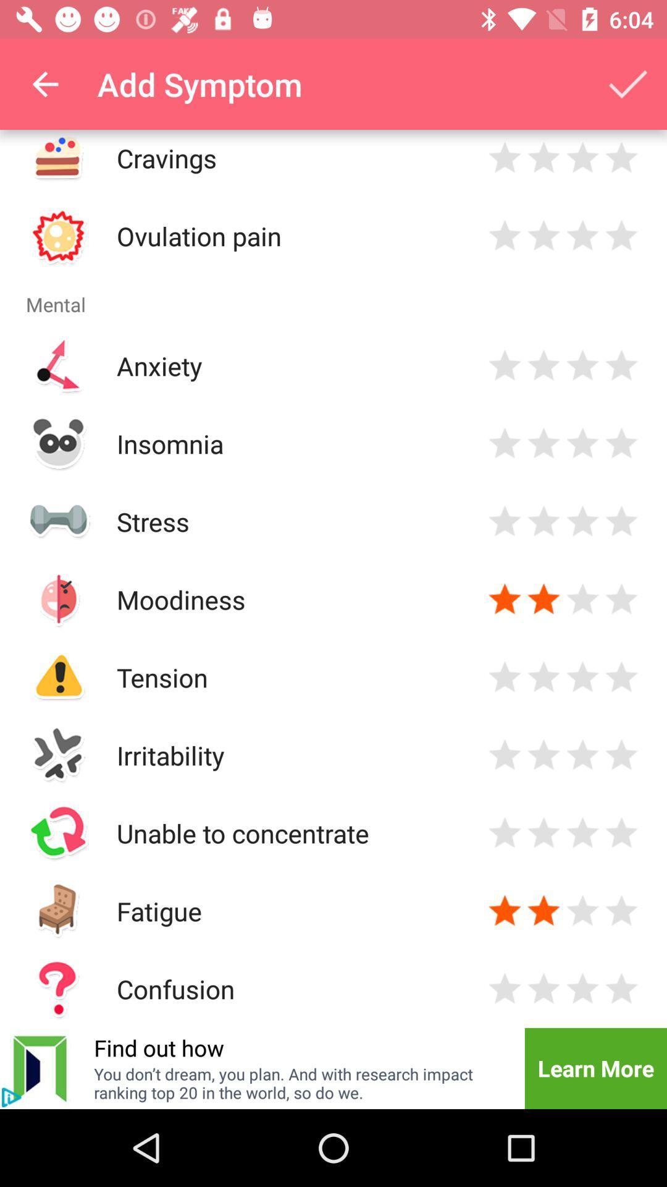  I want to click on rate the anxiety option, so click(505, 365).